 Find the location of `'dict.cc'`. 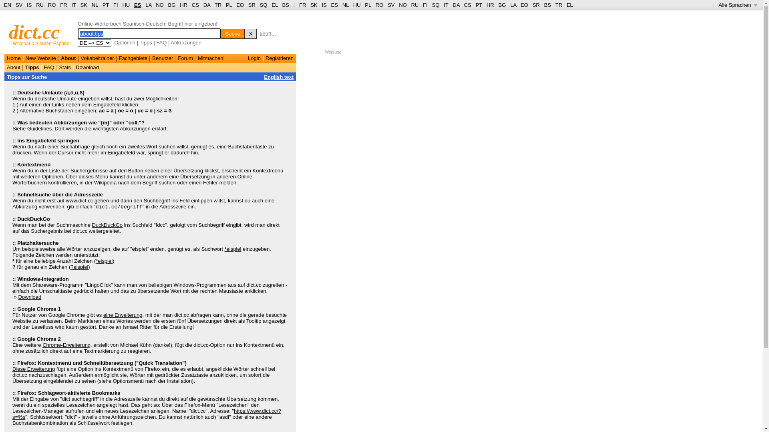

'dict.cc' is located at coordinates (34, 32).